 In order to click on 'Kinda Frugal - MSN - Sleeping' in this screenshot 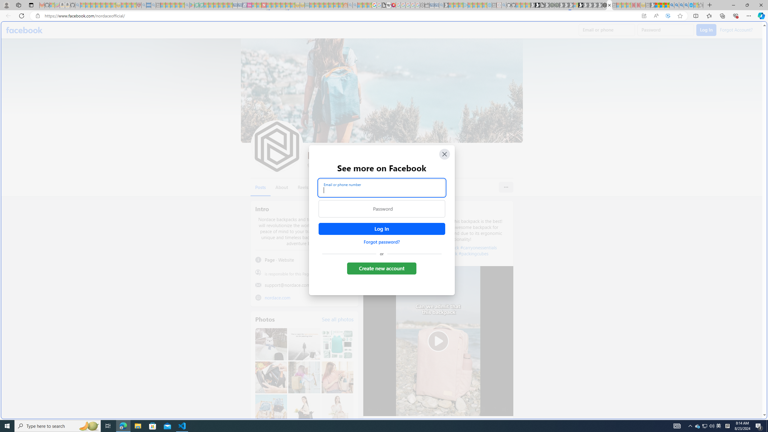, I will do `click(331, 5)`.